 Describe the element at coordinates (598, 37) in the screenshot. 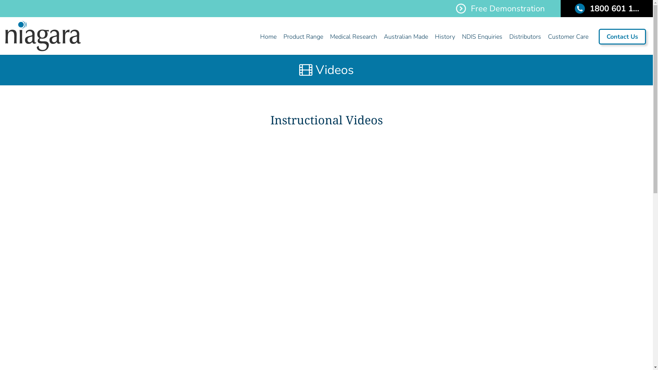

I see `'Contact Us'` at that location.